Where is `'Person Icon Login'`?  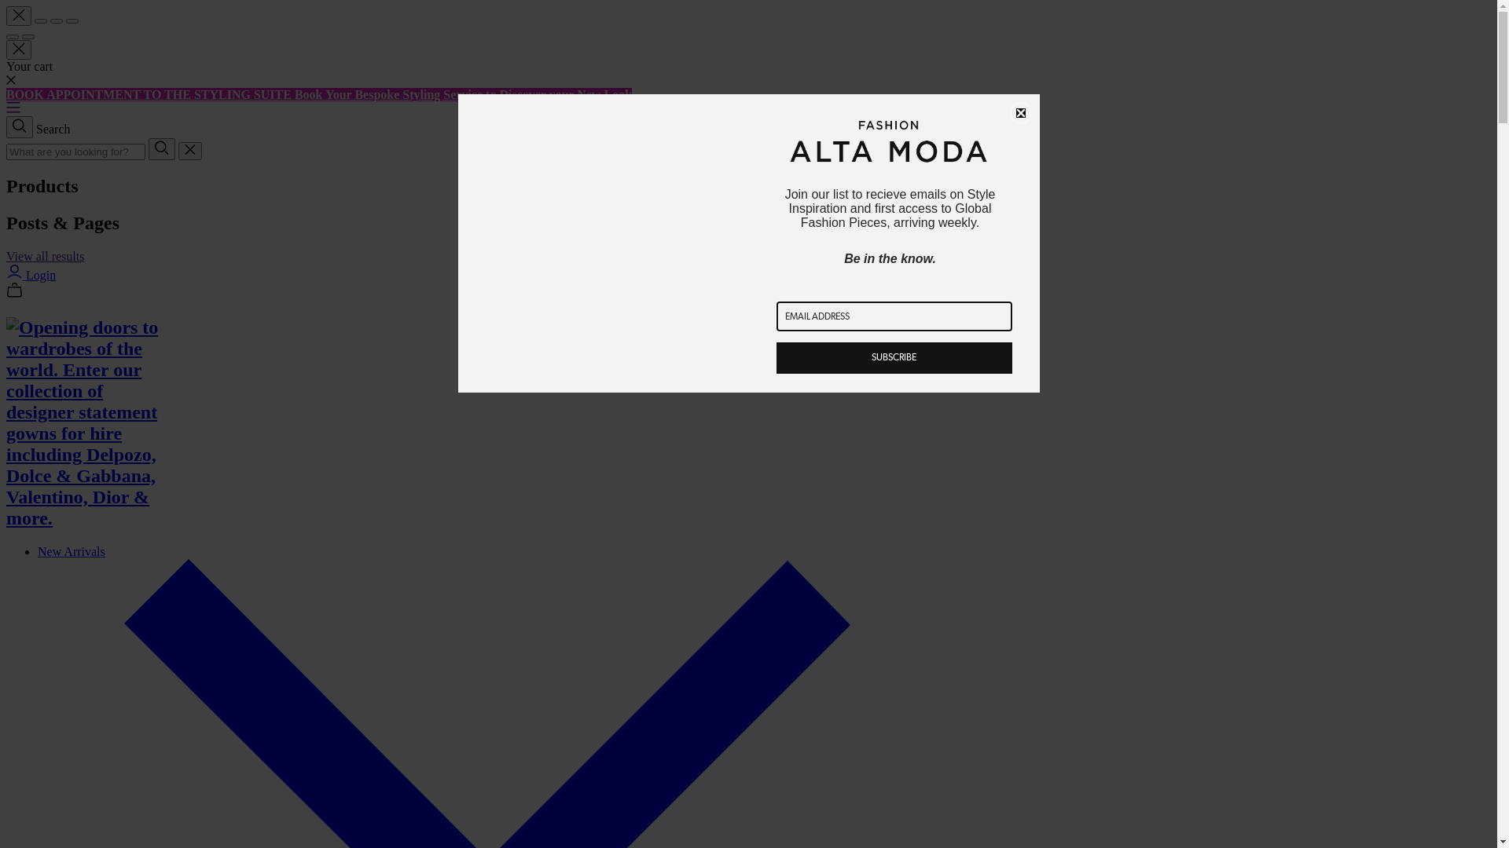
'Person Icon Login' is located at coordinates (6, 274).